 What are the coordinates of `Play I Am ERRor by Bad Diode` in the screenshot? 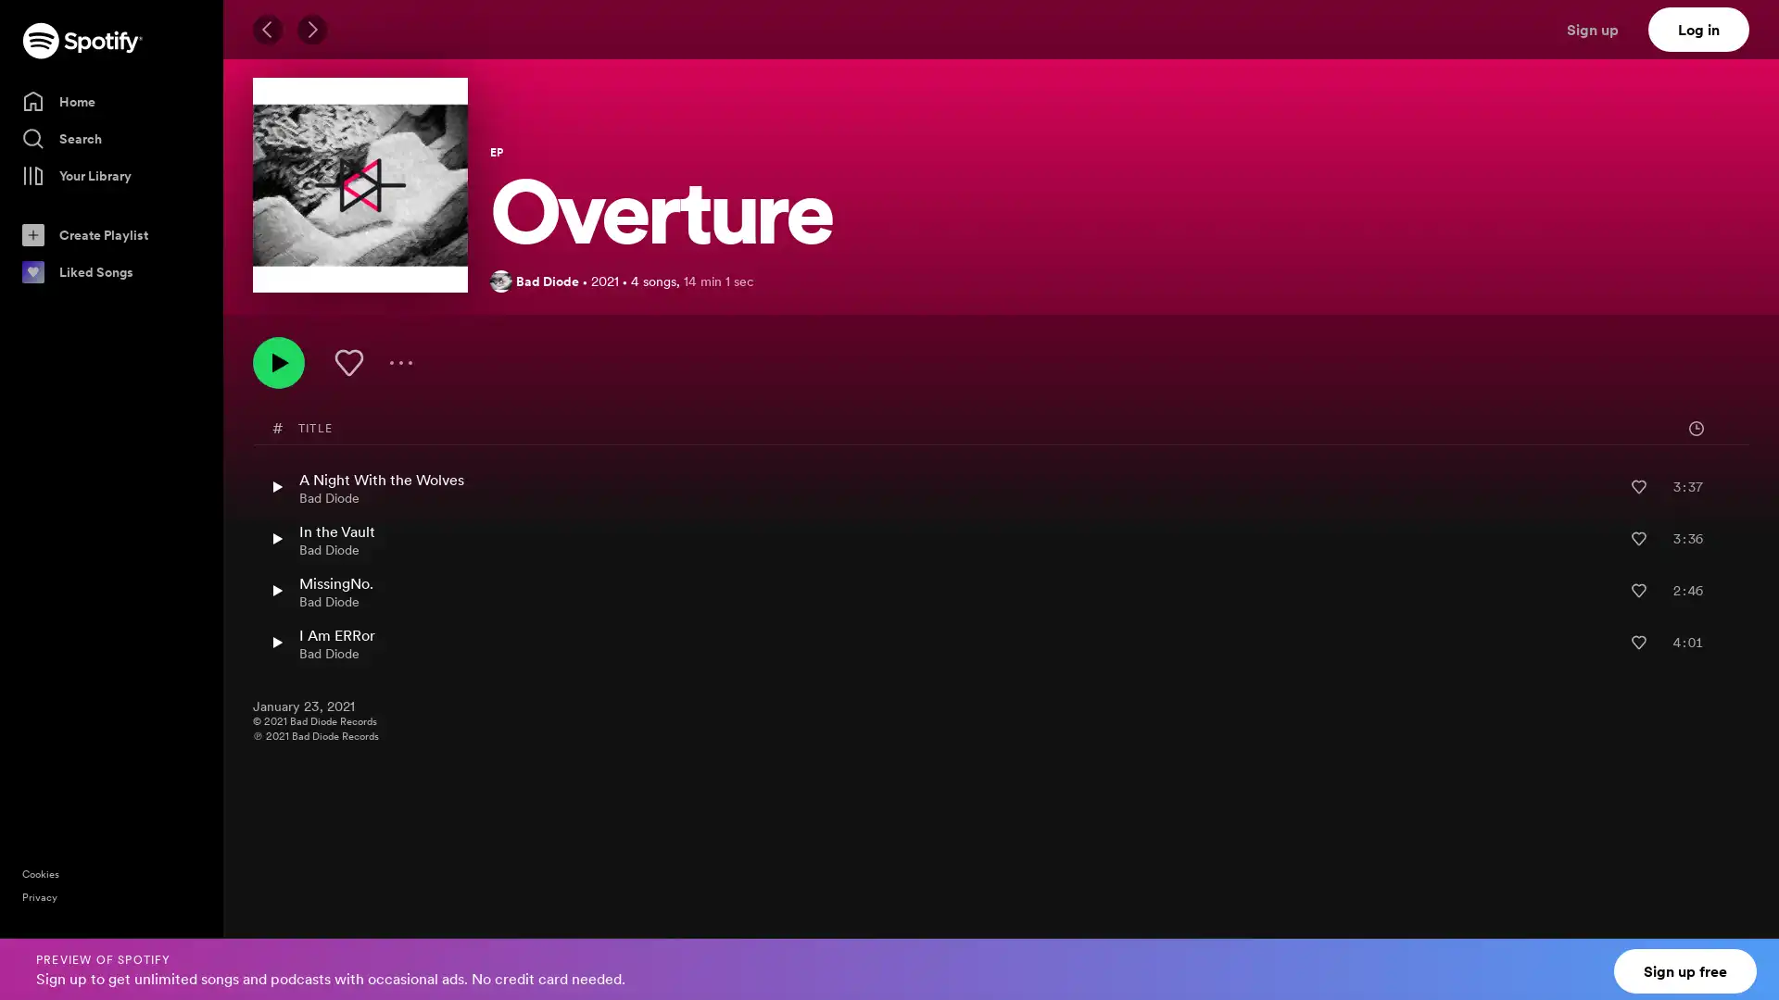 It's located at (275, 642).